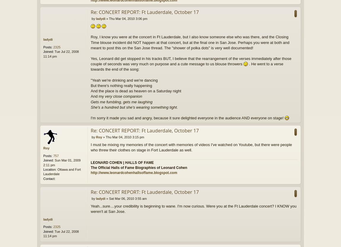  What do you see at coordinates (43, 162) in the screenshot?
I see `'Sun Mar 01, 2009 2:11 pm'` at bounding box center [43, 162].